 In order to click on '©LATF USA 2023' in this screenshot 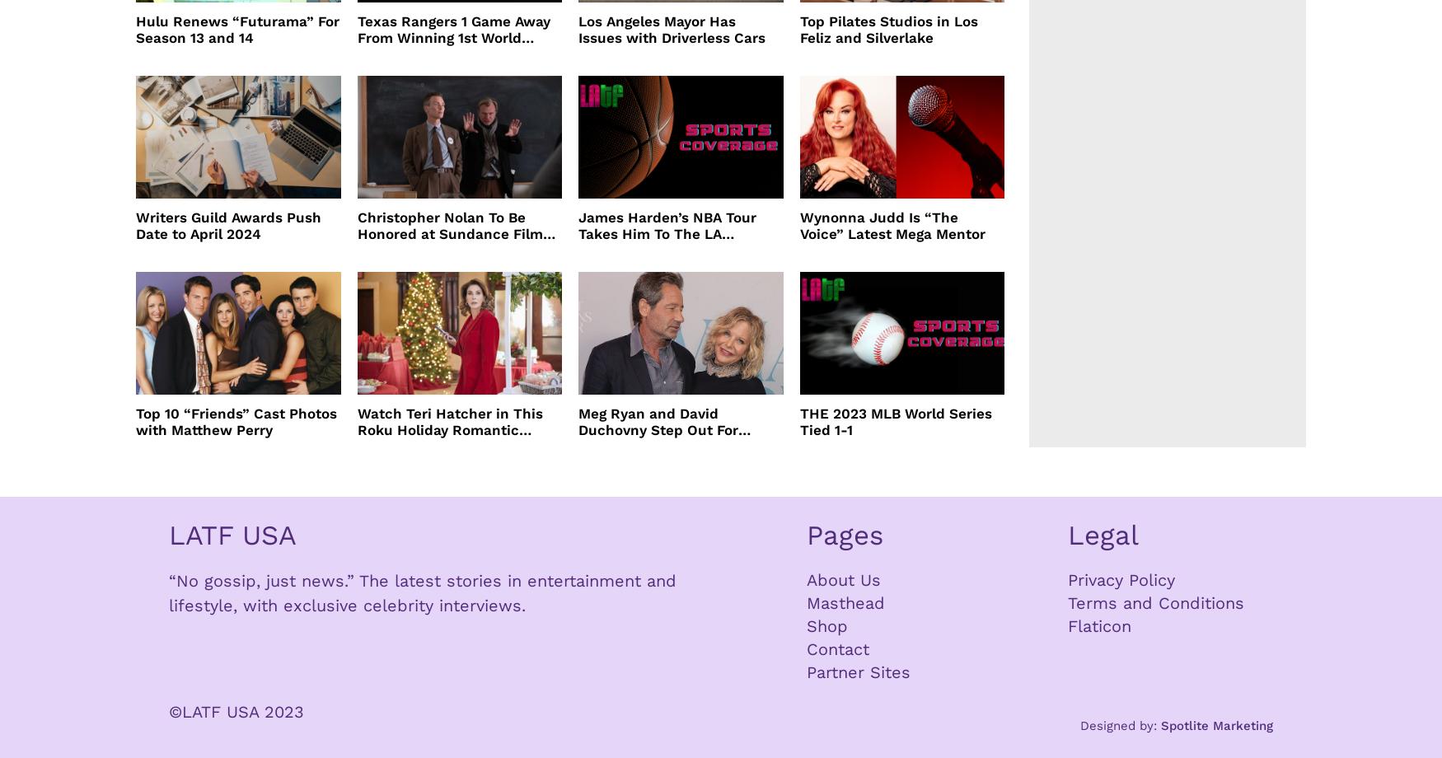, I will do `click(236, 709)`.